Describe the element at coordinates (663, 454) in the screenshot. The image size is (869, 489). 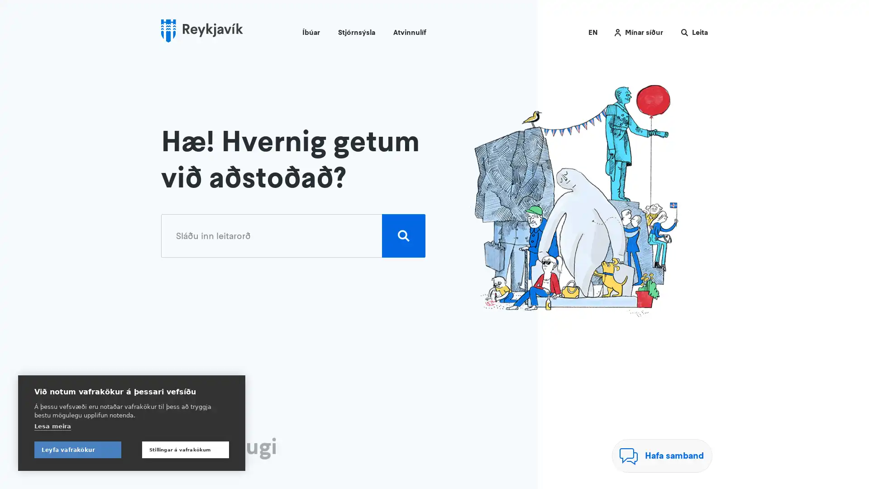
I see `Hafa samband` at that location.